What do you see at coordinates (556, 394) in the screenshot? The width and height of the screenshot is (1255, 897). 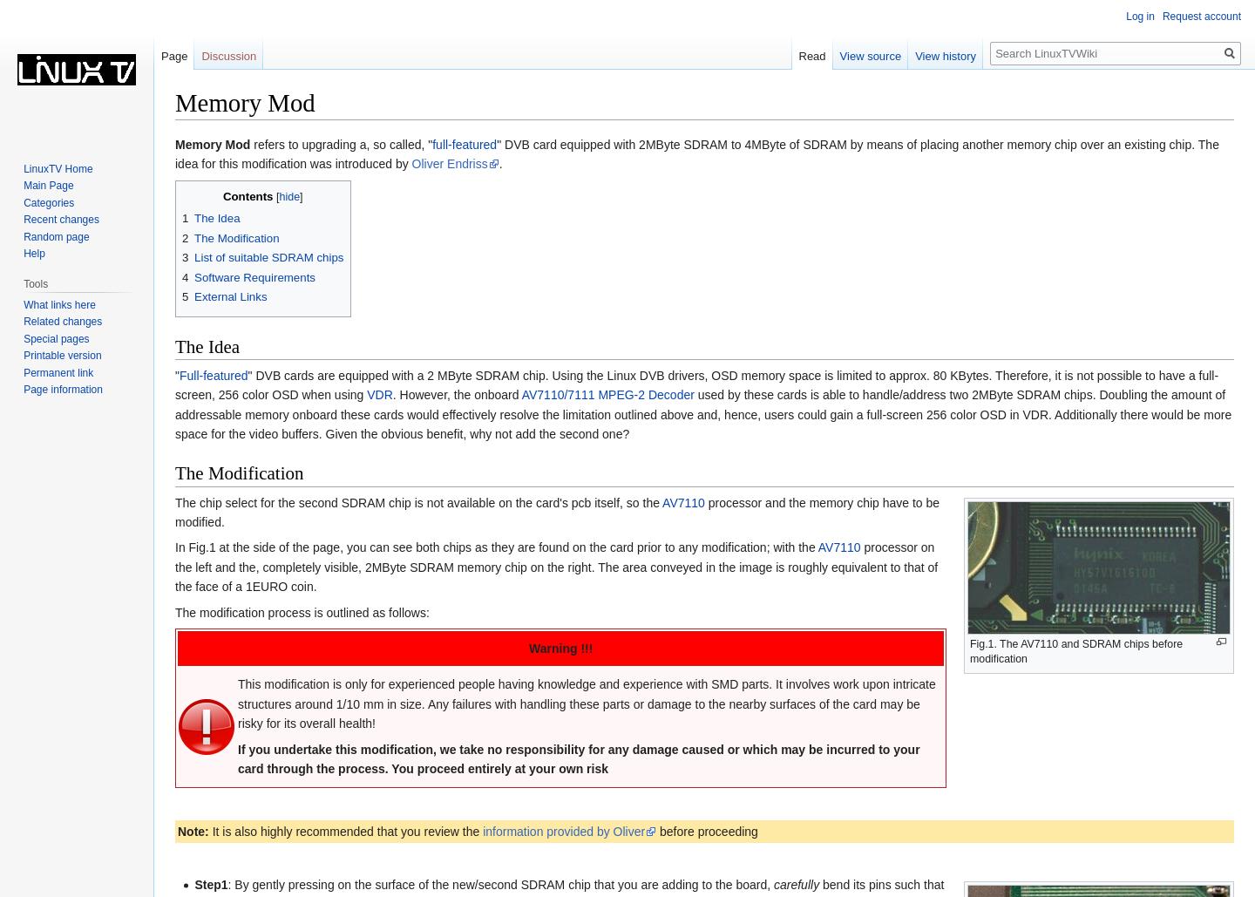 I see `'AV7110/7111'` at bounding box center [556, 394].